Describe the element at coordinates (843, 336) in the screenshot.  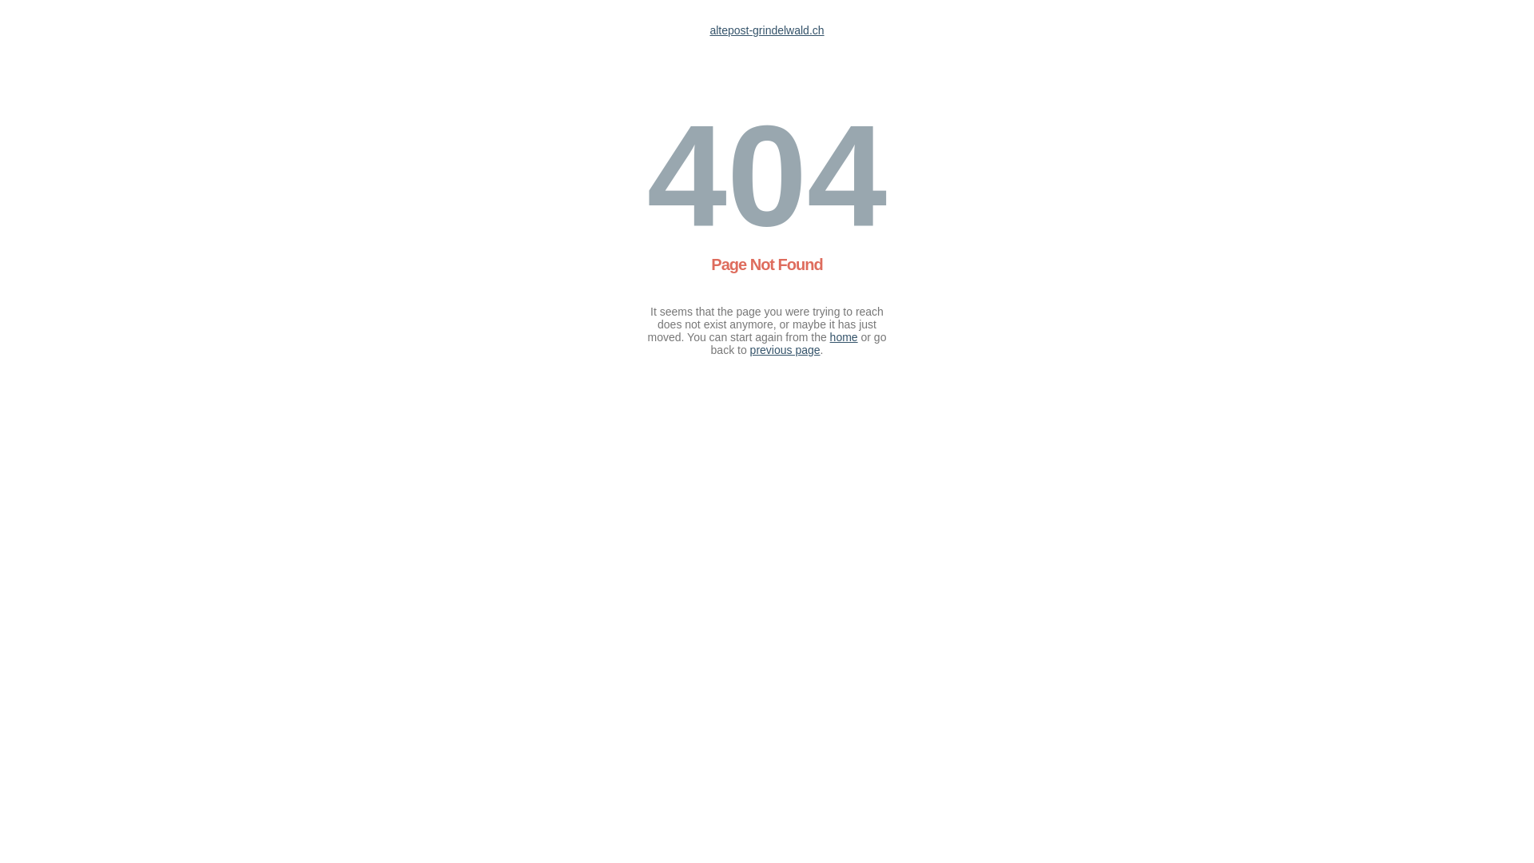
I see `'home'` at that location.